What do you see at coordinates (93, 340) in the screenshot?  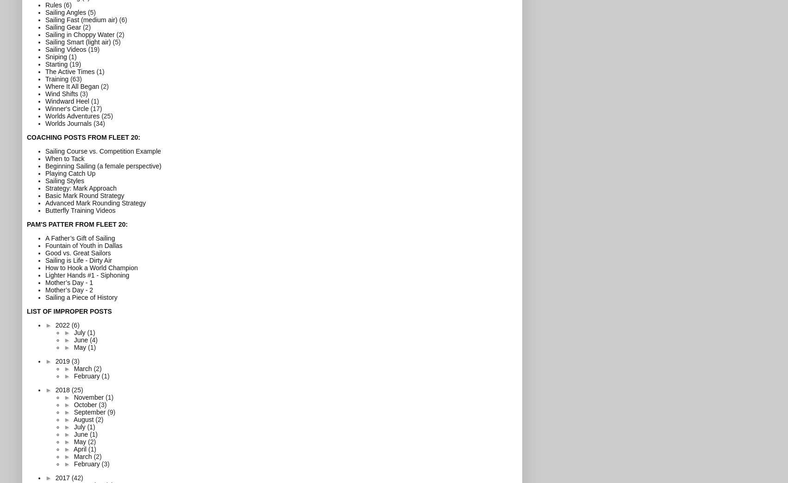 I see `'(4)'` at bounding box center [93, 340].